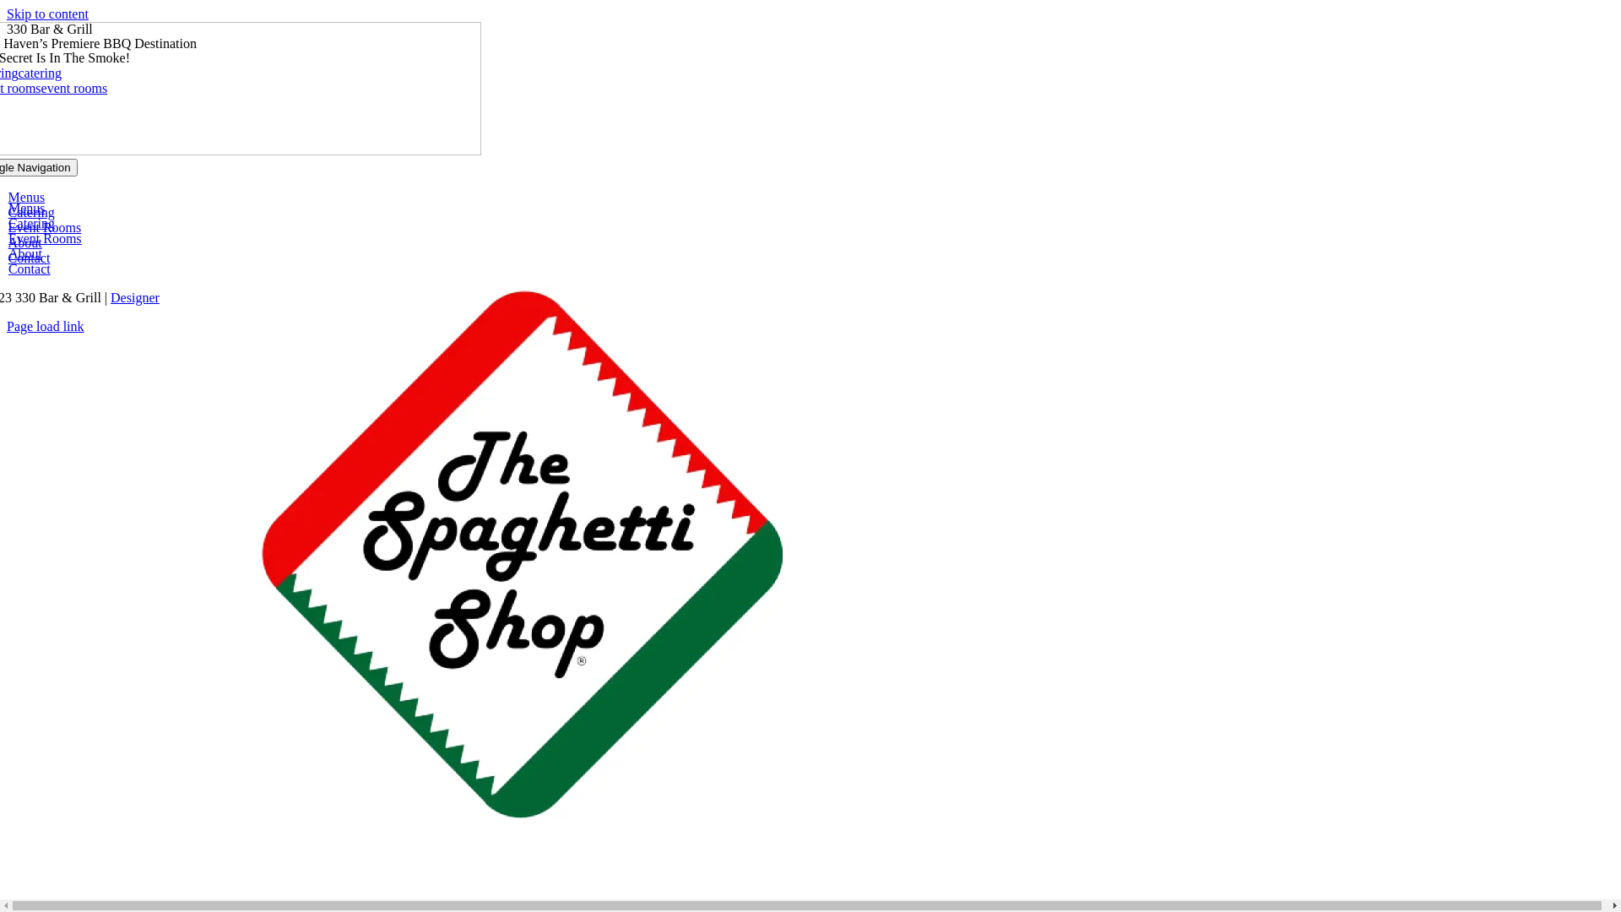 The width and height of the screenshot is (1621, 912). Describe the element at coordinates (29, 268) in the screenshot. I see `'Contact'` at that location.